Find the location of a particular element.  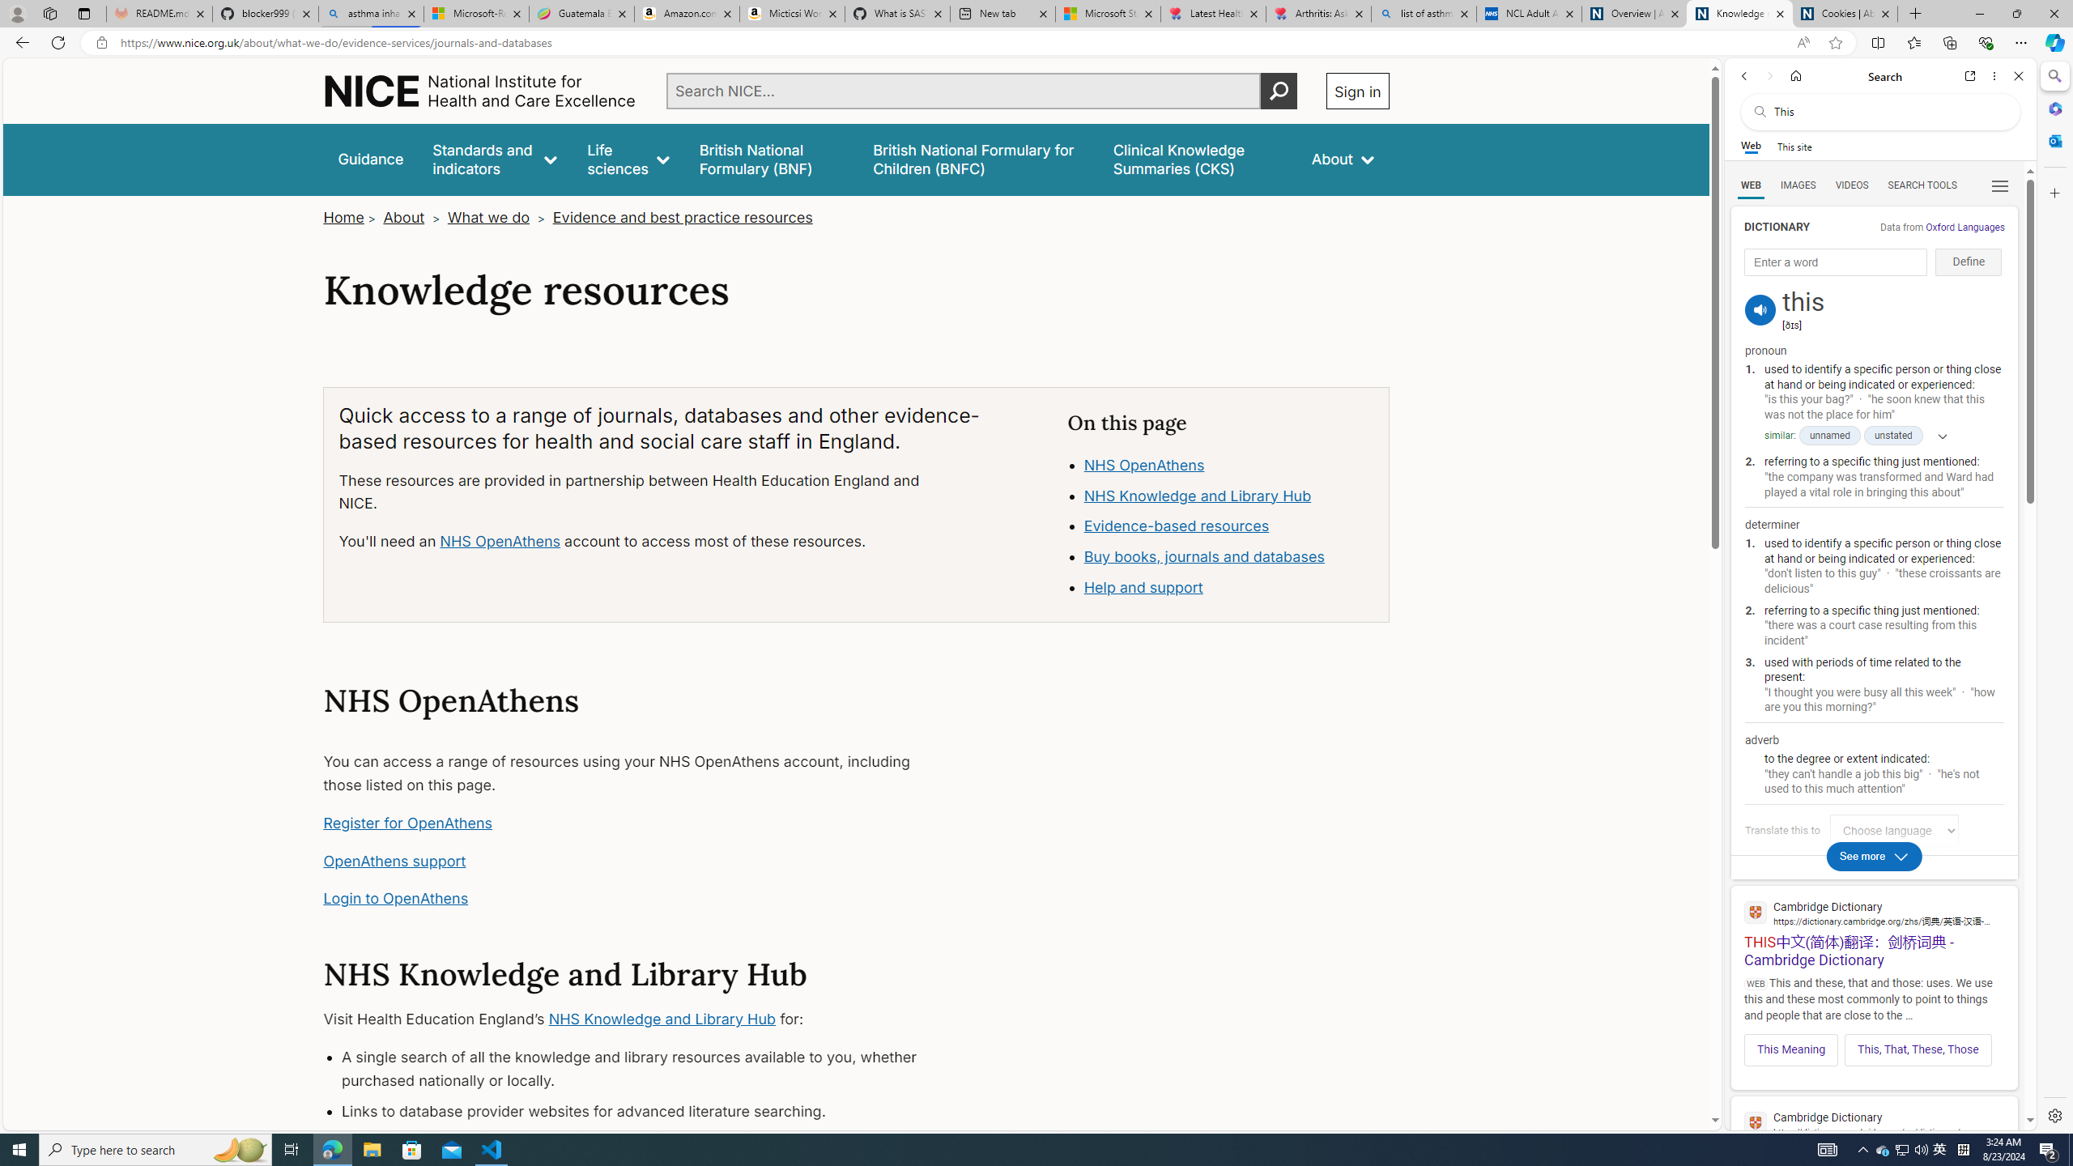

'This, That, These, Those' is located at coordinates (1918, 1049).